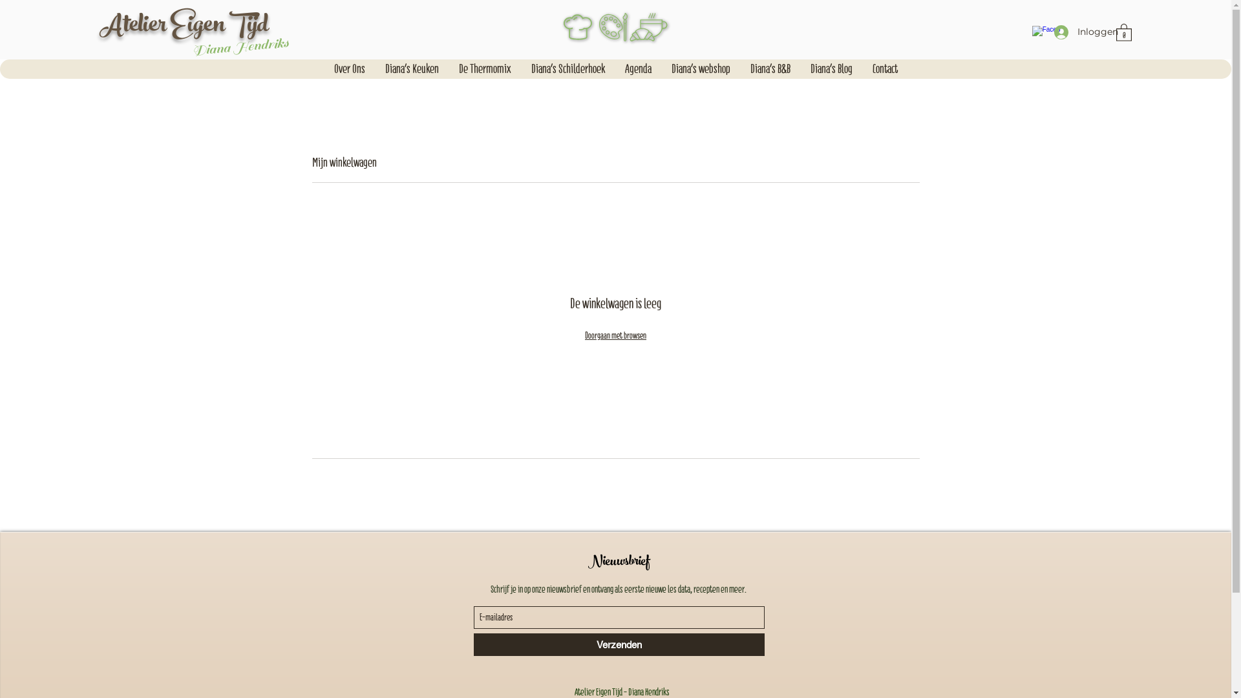  I want to click on 'Diana's B&B', so click(770, 69).